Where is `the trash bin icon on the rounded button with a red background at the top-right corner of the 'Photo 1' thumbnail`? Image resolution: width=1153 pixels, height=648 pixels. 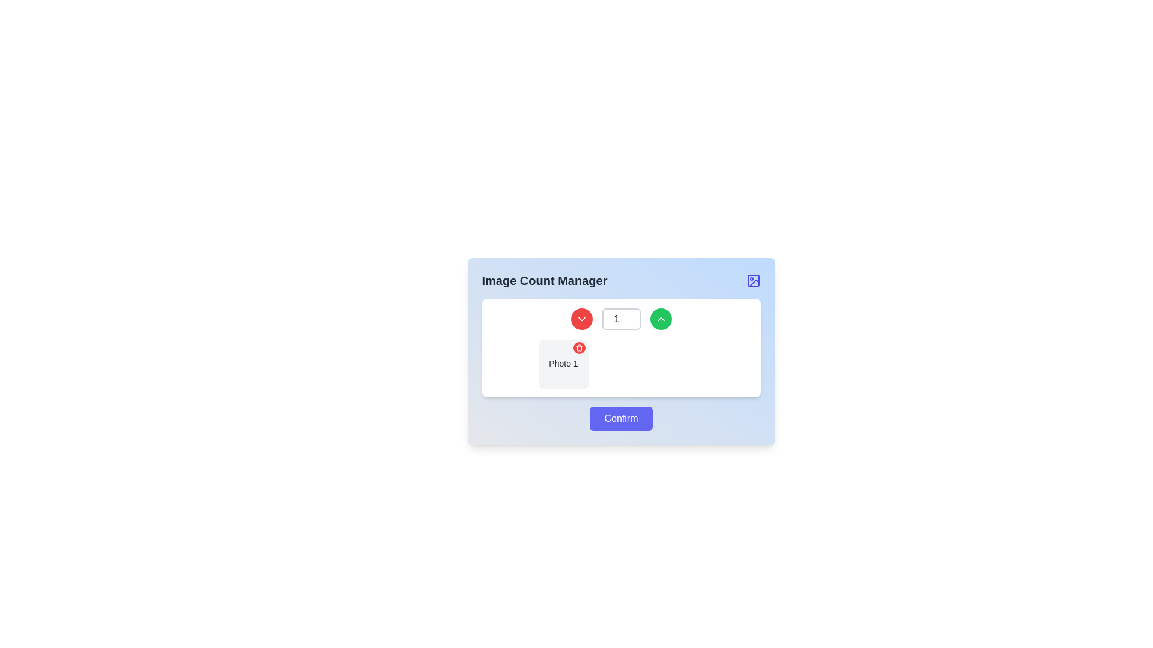 the trash bin icon on the rounded button with a red background at the top-right corner of the 'Photo 1' thumbnail is located at coordinates (579, 347).